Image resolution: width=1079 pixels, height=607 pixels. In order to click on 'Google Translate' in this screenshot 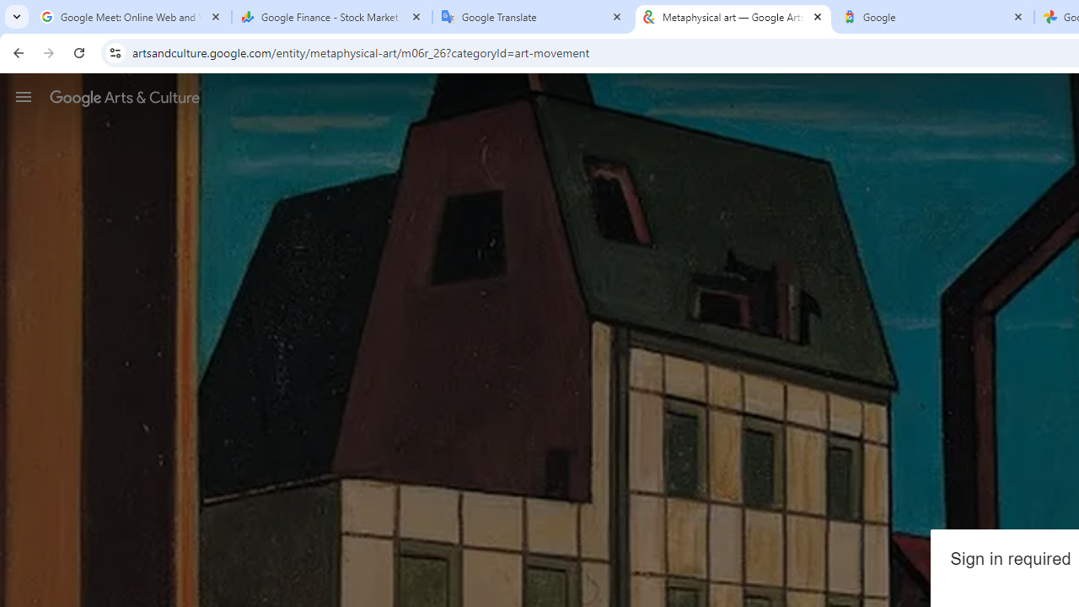, I will do `click(532, 17)`.